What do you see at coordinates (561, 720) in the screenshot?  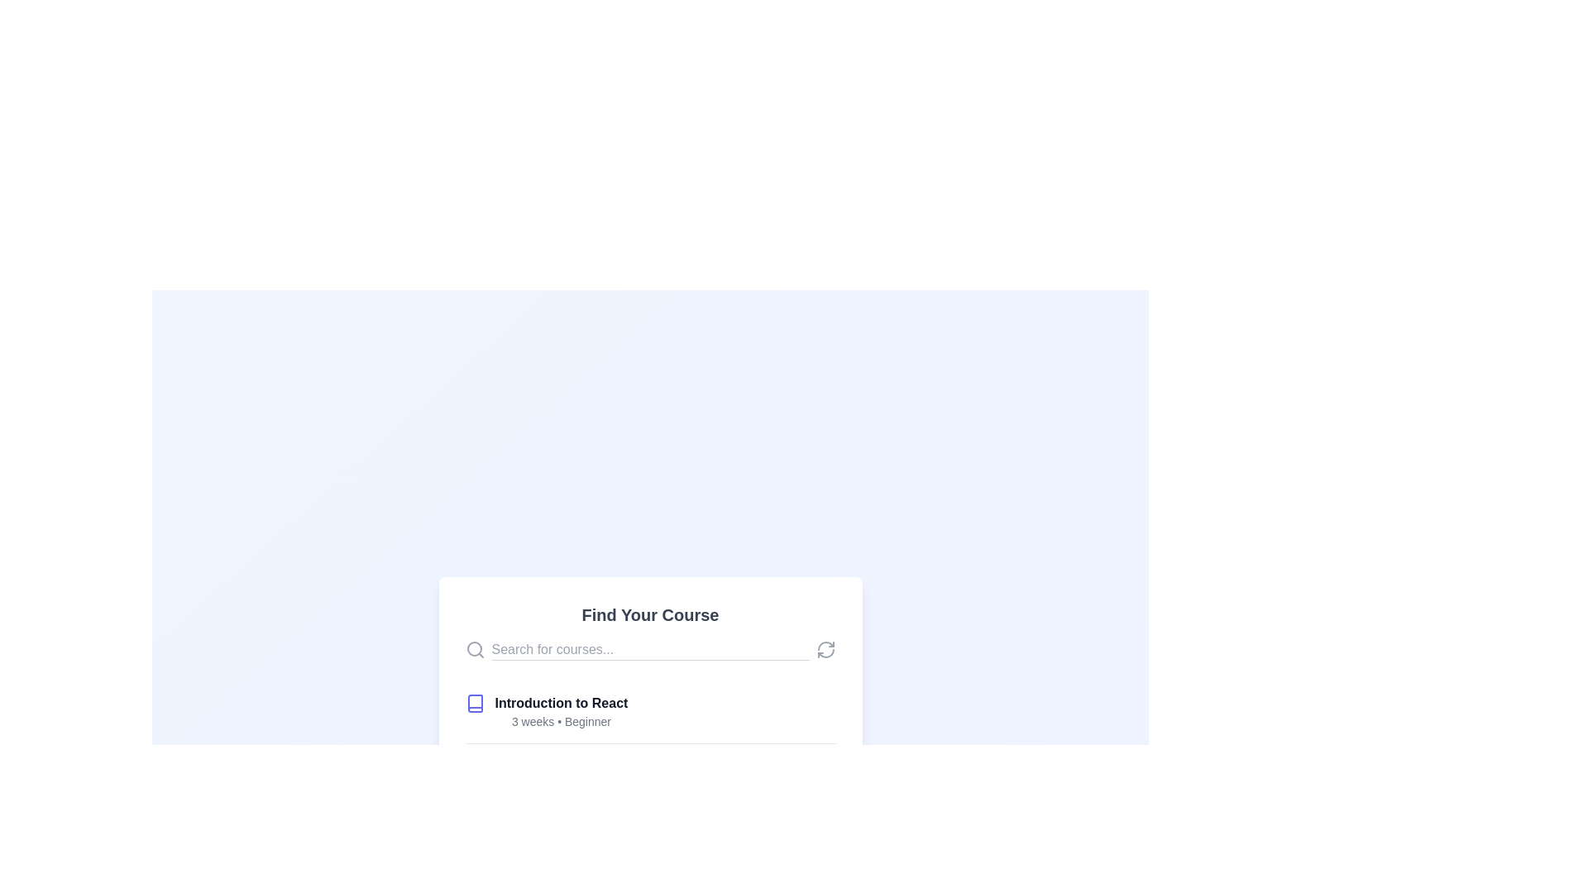 I see `the text element providing details about the course duration and difficulty level, located directly below 'Introduction to React'` at bounding box center [561, 720].